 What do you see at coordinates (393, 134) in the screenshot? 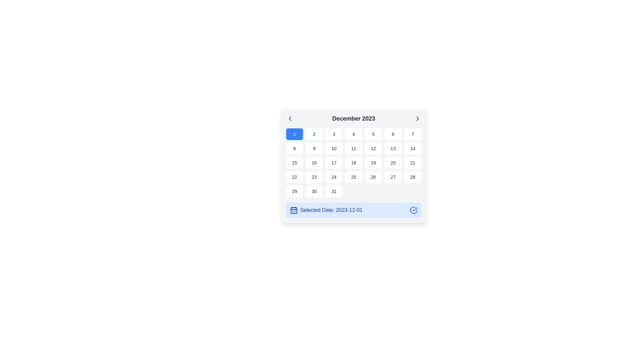
I see `the rounded square button labeled '6' with a white background and gray text` at bounding box center [393, 134].